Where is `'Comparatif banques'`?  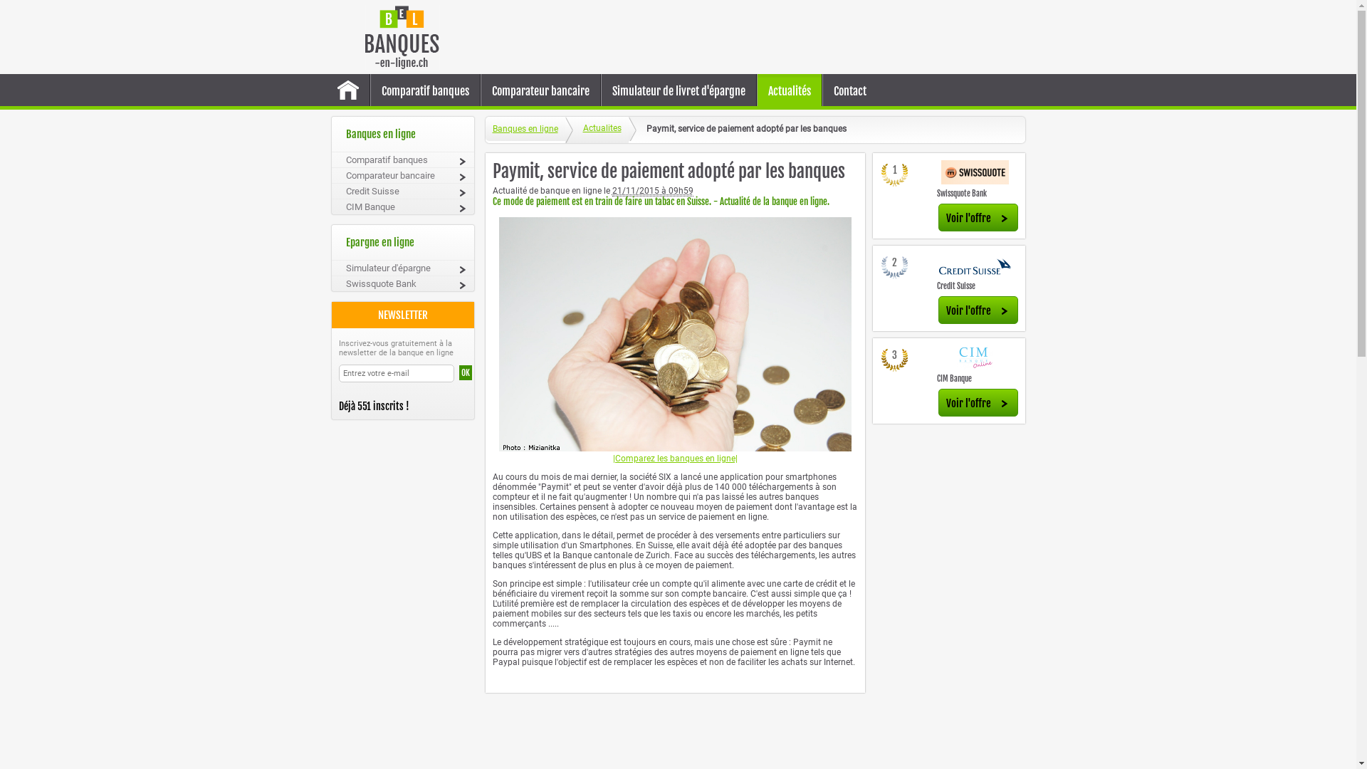
'Comparatif banques' is located at coordinates (402, 159).